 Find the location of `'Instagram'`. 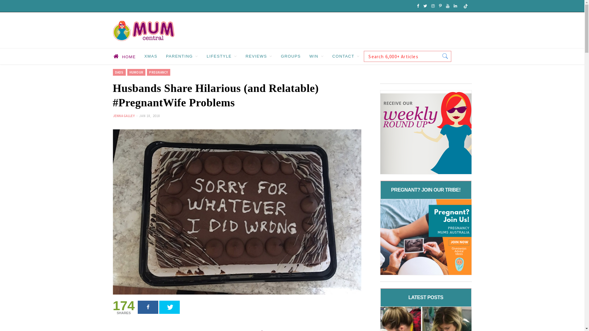

'Instagram' is located at coordinates (433, 6).